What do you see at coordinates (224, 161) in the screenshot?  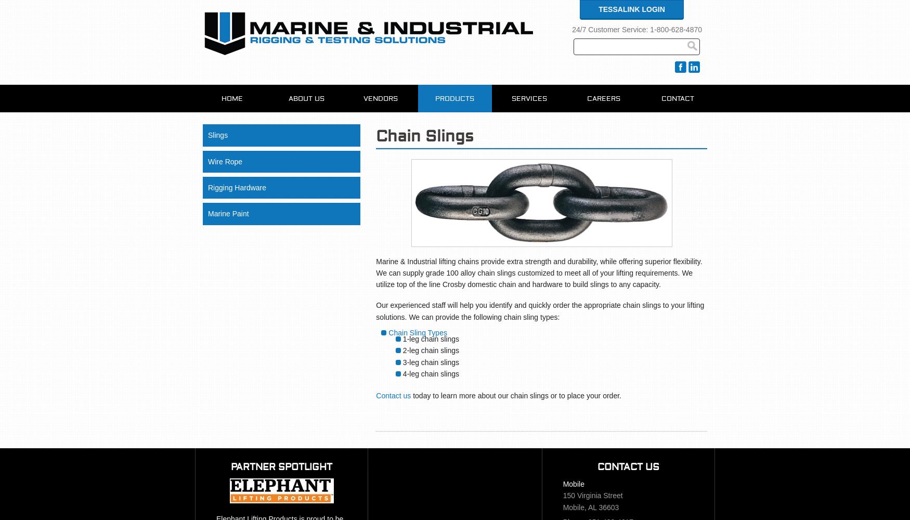 I see `'Wire Rope'` at bounding box center [224, 161].